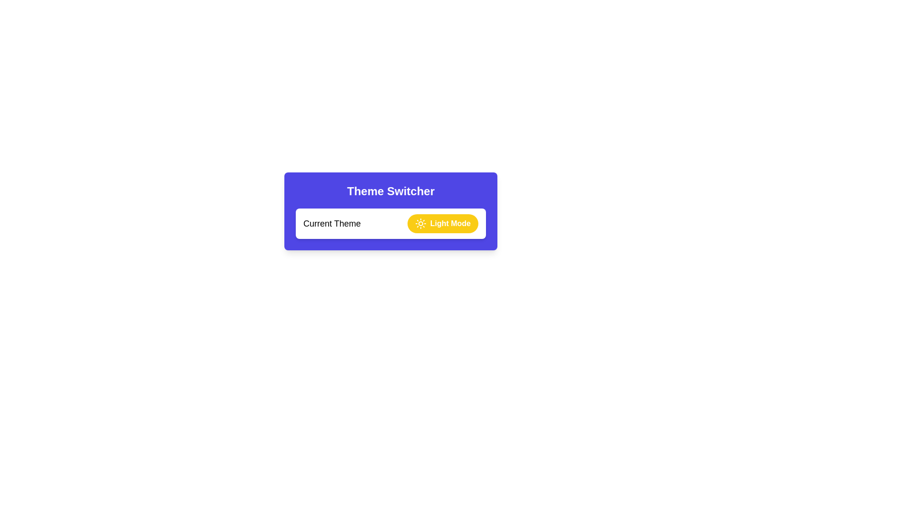 The height and width of the screenshot is (513, 913). What do you see at coordinates (442, 223) in the screenshot?
I see `the 'Light Mode' button to toggle the theme` at bounding box center [442, 223].